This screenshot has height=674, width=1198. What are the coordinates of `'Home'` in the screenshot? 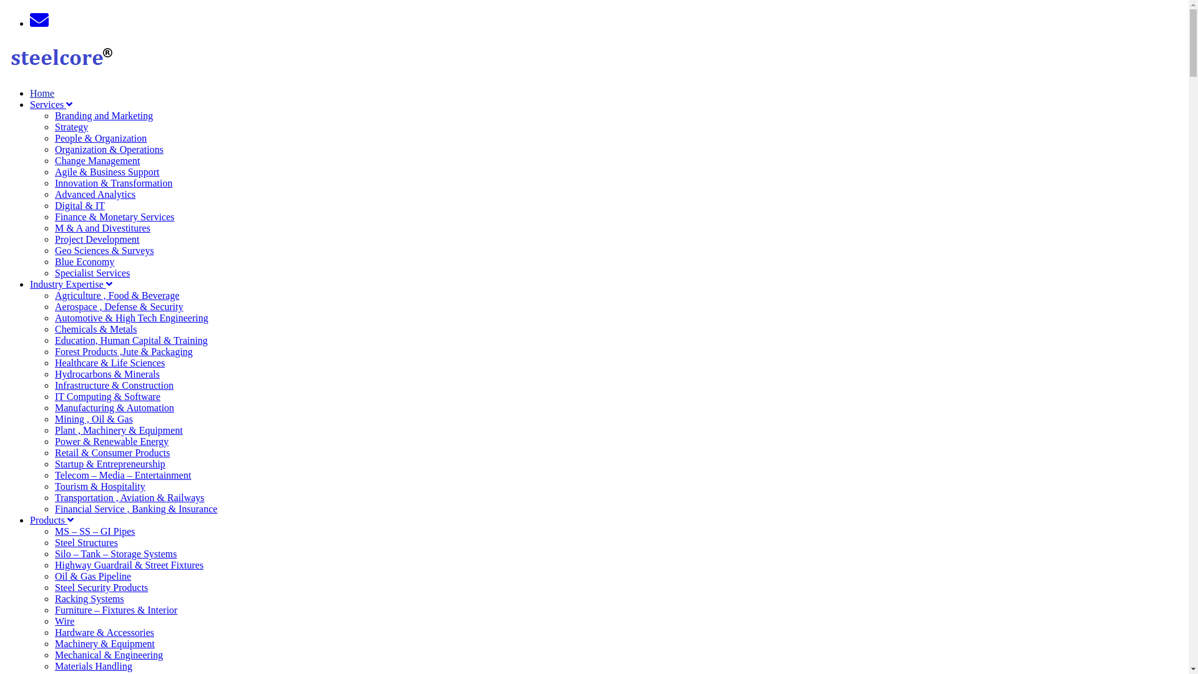 It's located at (42, 92).